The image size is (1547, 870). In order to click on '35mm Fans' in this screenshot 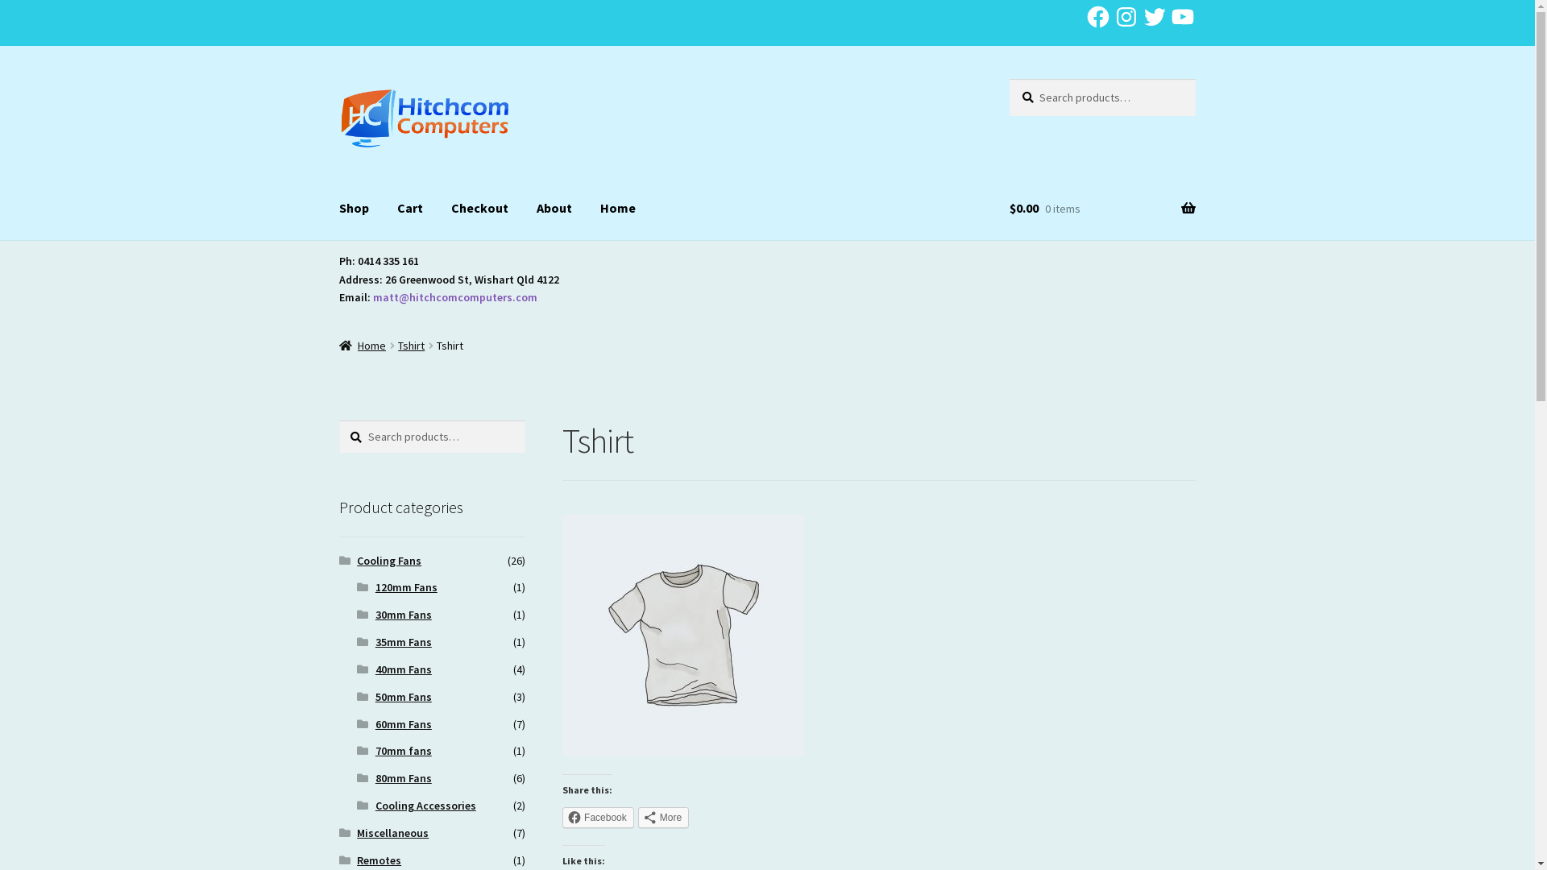, I will do `click(374, 641)`.